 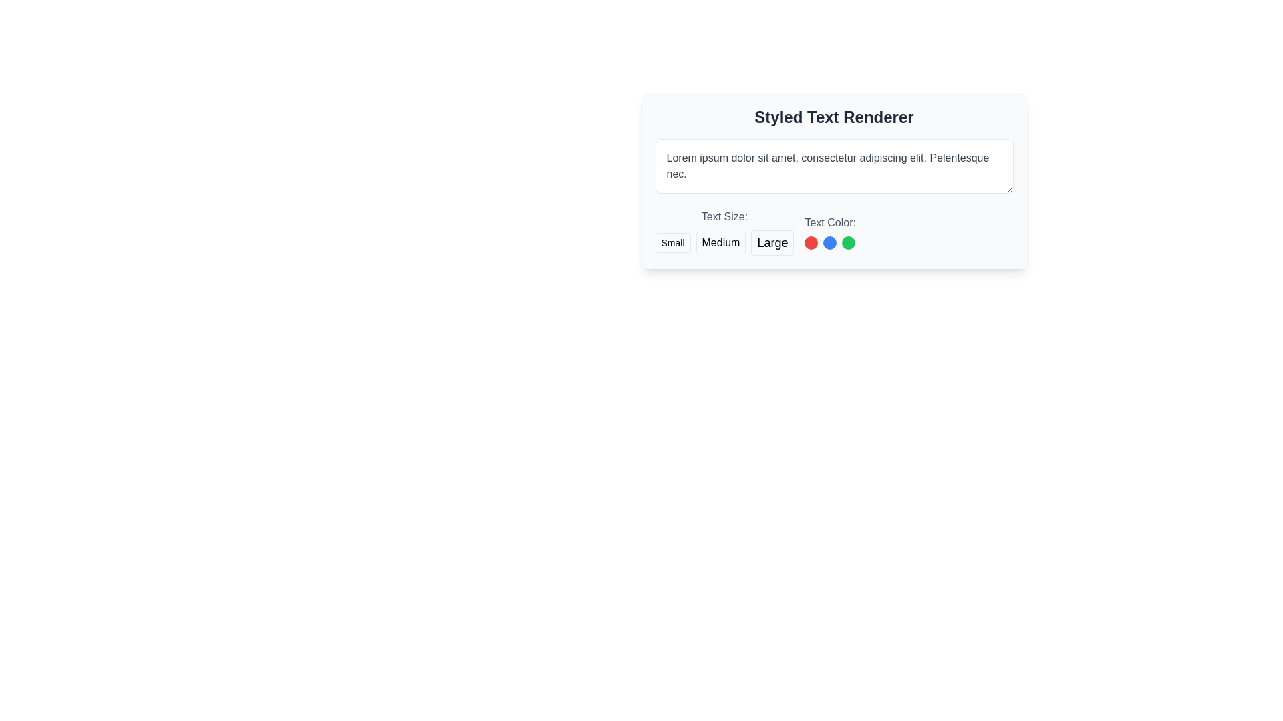 I want to click on the second circle-shaped button representing the blue color, so click(x=829, y=242).